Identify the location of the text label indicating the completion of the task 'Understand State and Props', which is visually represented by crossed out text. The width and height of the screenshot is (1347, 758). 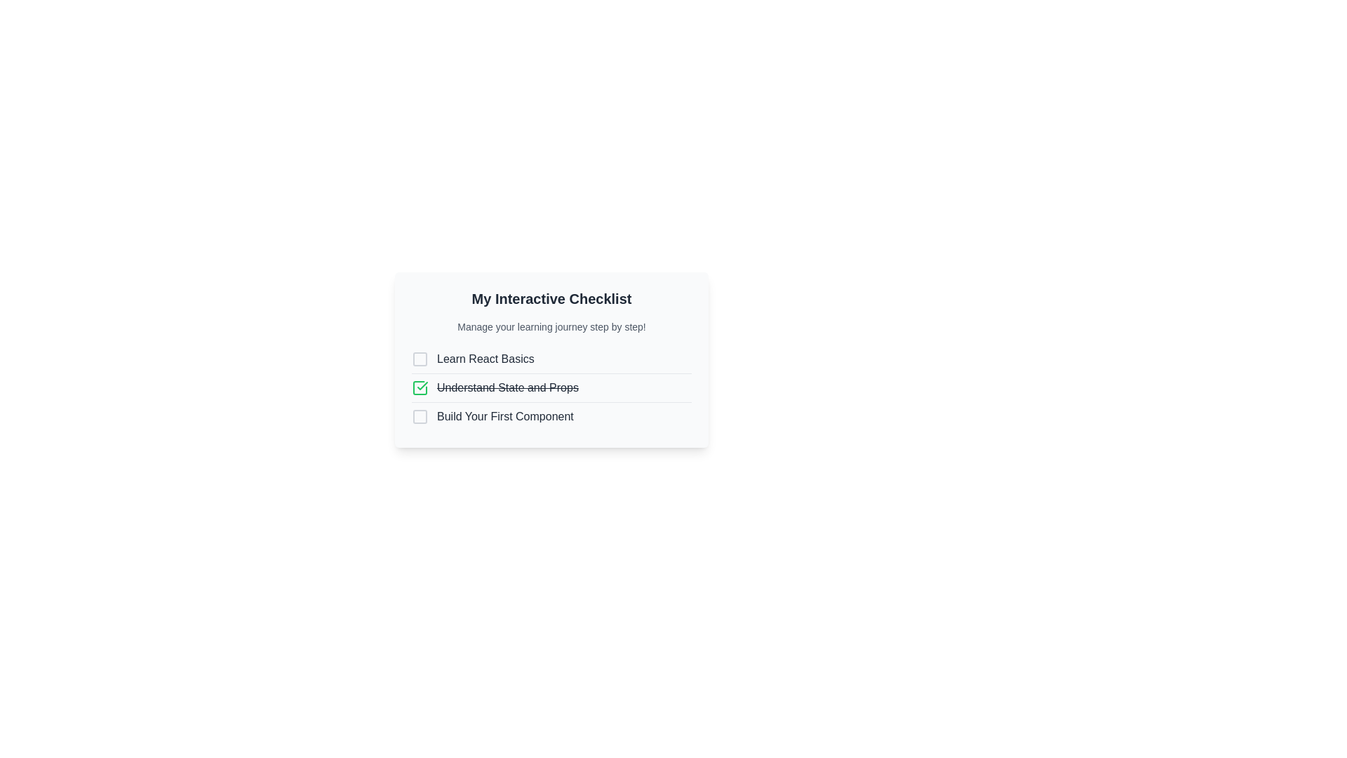
(507, 387).